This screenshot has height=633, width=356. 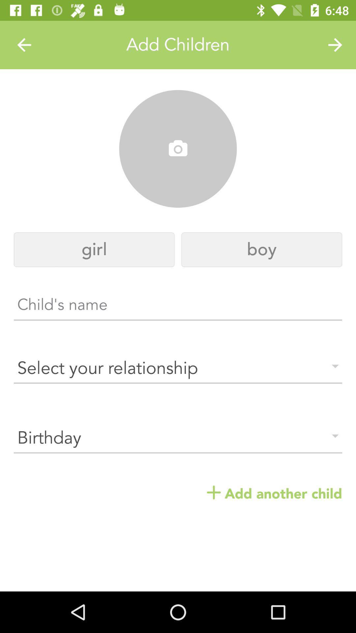 I want to click on the text birthday, so click(x=178, y=438).